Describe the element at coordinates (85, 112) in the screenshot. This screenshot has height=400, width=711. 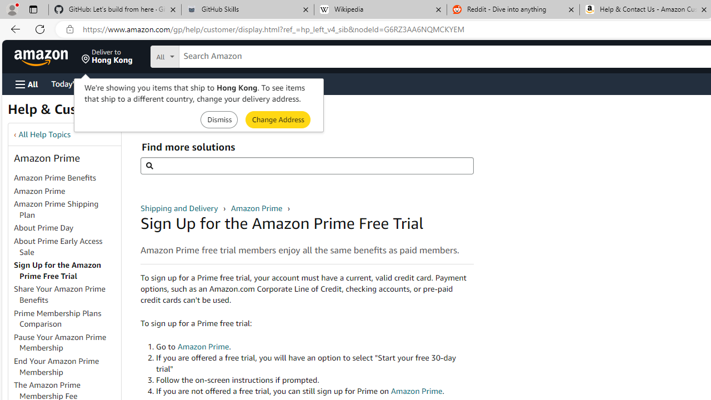
I see `'Help & Customer Service'` at that location.